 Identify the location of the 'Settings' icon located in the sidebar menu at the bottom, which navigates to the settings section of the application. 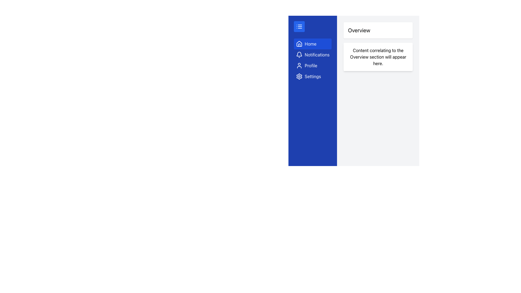
(299, 76).